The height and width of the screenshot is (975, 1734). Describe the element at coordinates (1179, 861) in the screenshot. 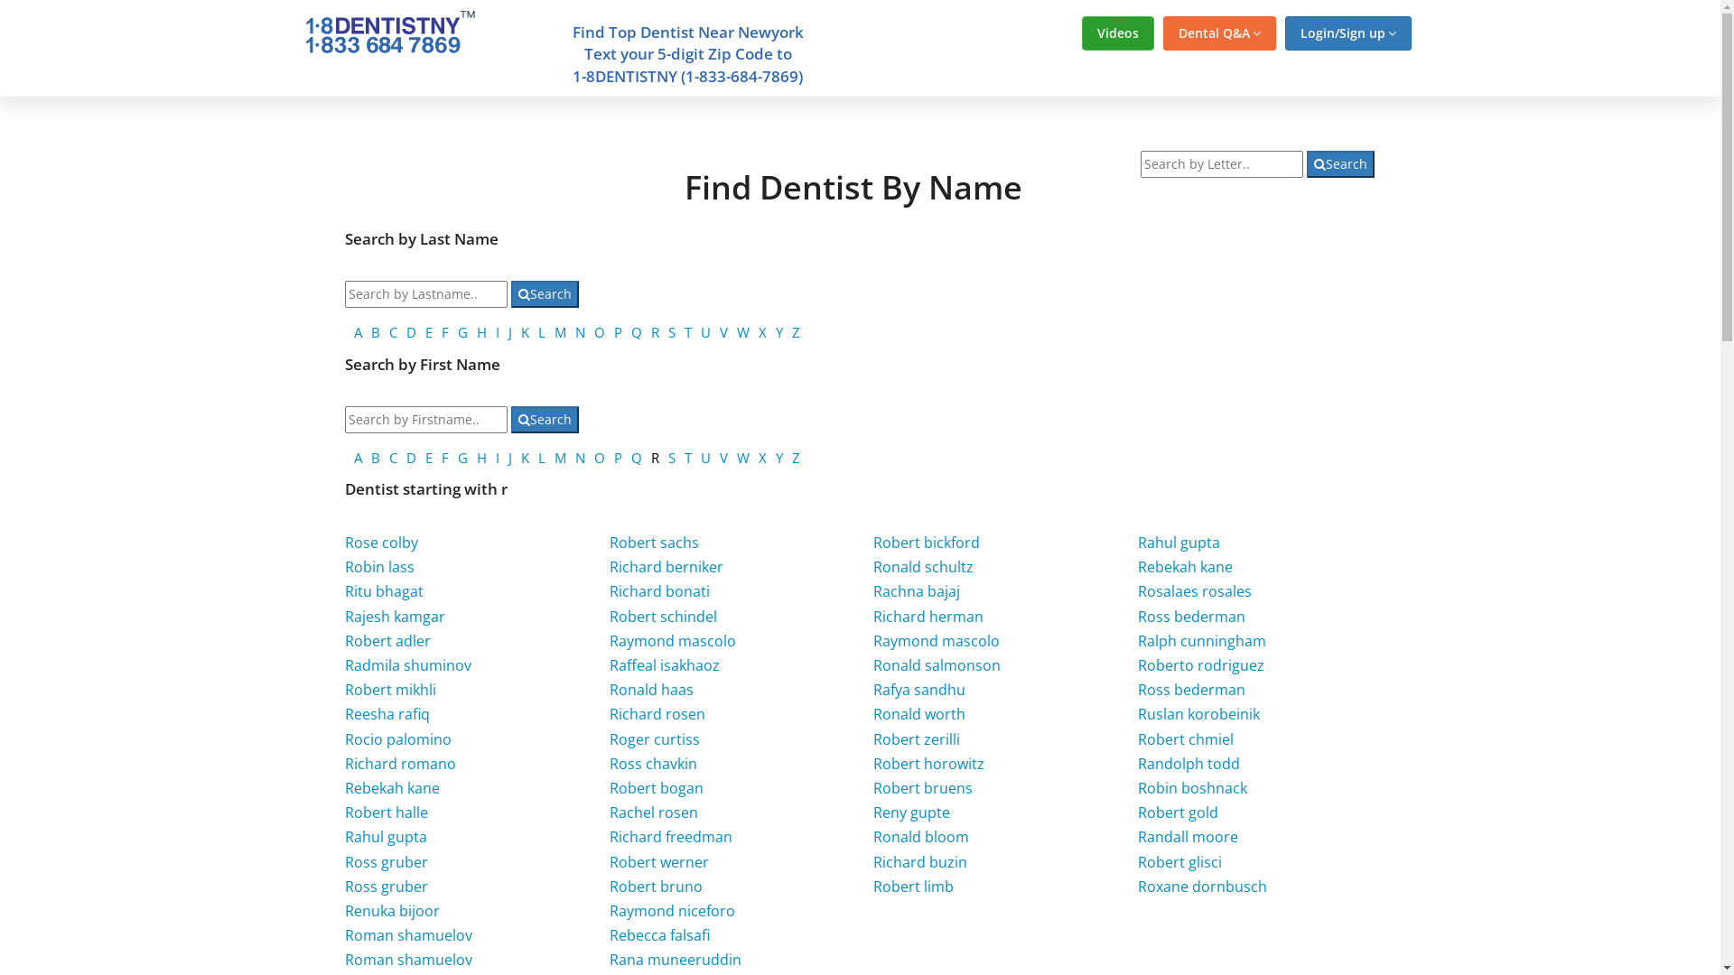

I see `'Robert glisci'` at that location.